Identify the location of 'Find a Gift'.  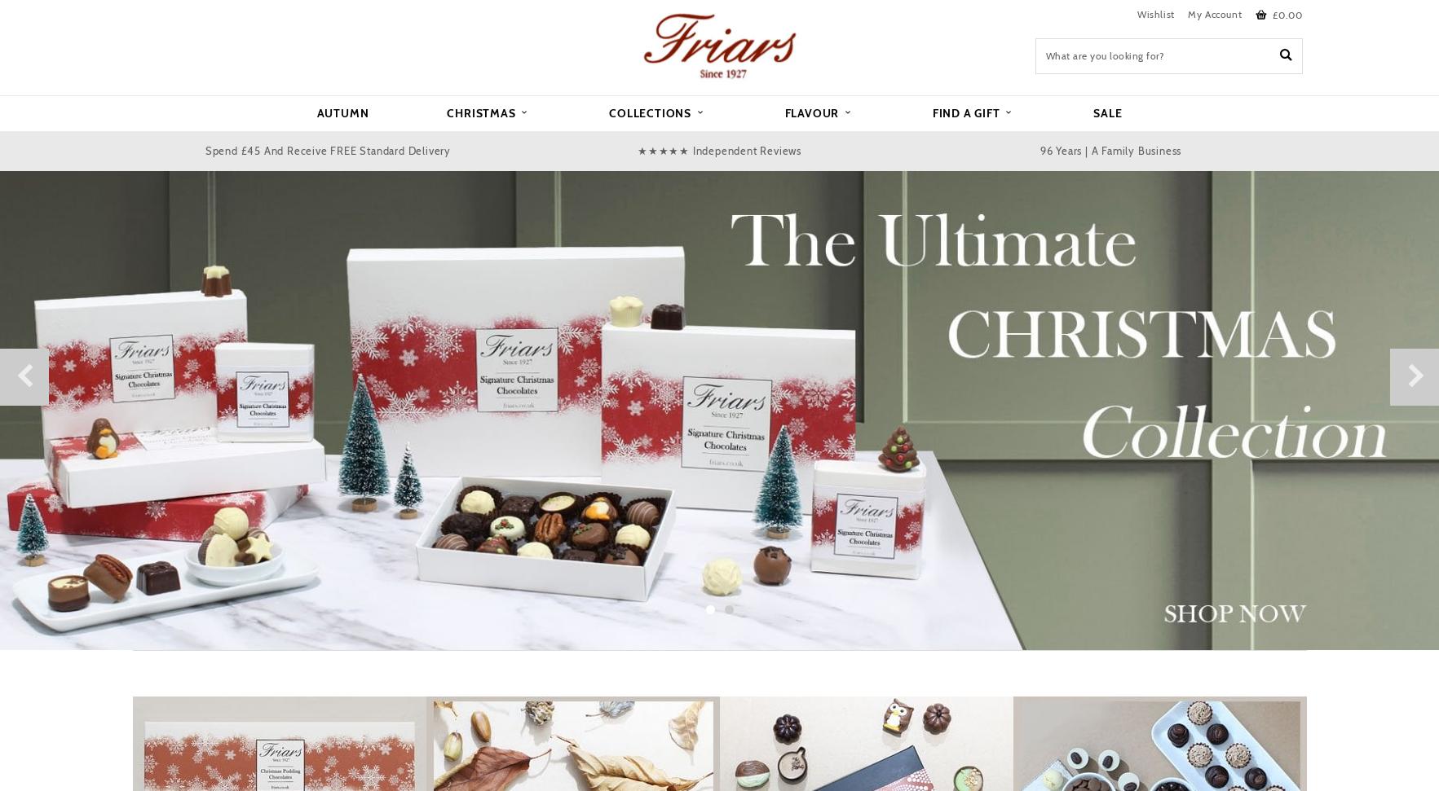
(967, 112).